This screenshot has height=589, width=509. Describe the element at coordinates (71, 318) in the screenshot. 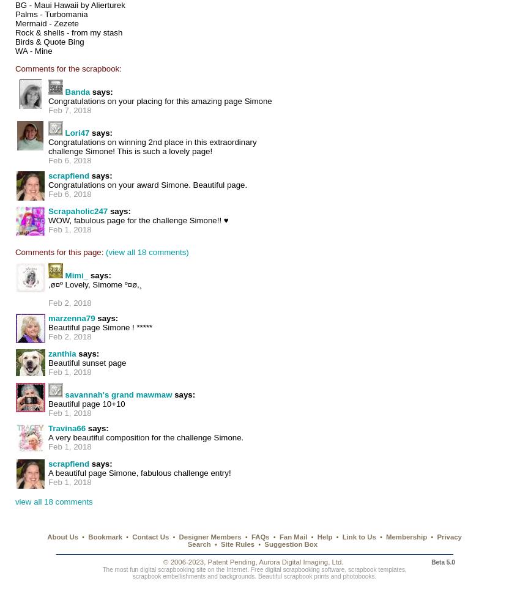

I see `'marzenna79'` at that location.